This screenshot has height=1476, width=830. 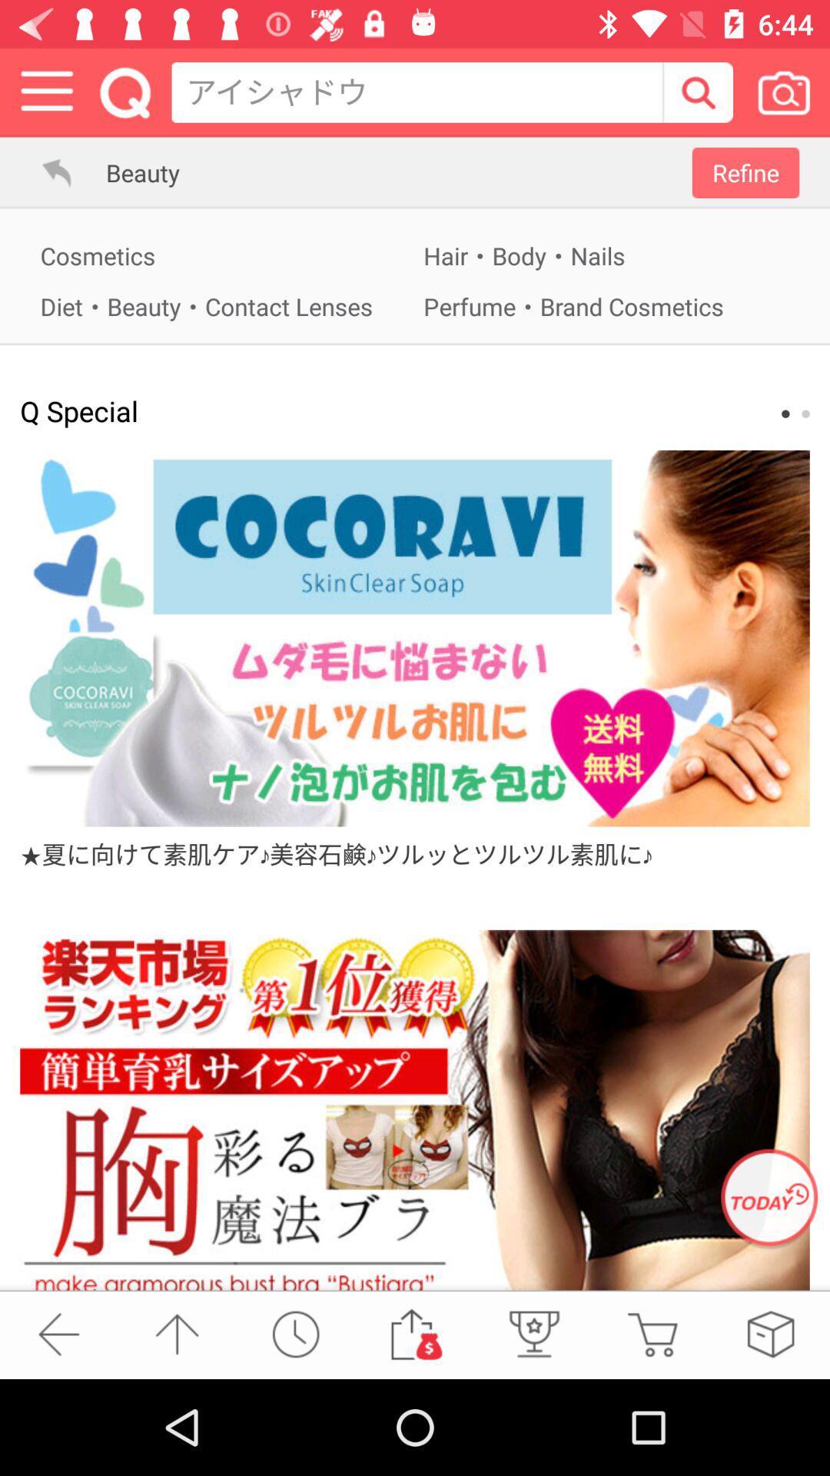 I want to click on to up arrow, so click(x=176, y=1333).